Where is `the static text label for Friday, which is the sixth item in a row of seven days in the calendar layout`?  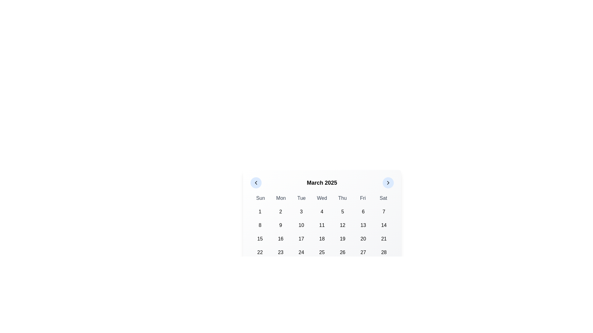 the static text label for Friday, which is the sixth item in a row of seven days in the calendar layout is located at coordinates (363, 198).